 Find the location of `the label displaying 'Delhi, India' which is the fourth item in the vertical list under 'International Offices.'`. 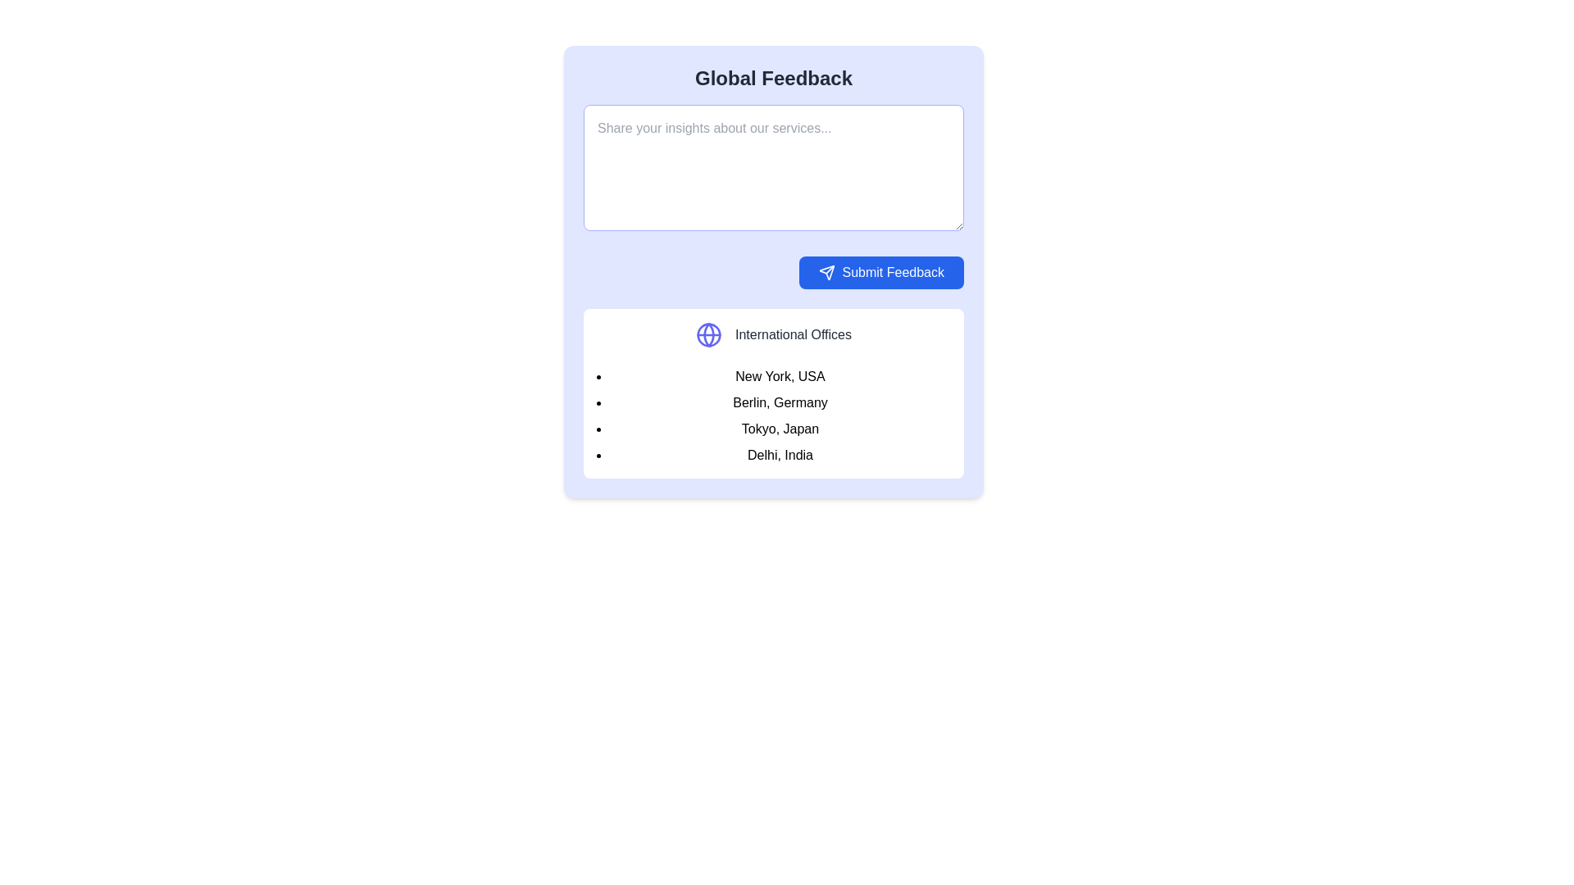

the label displaying 'Delhi, India' which is the fourth item in the vertical list under 'International Offices.' is located at coordinates (779, 455).